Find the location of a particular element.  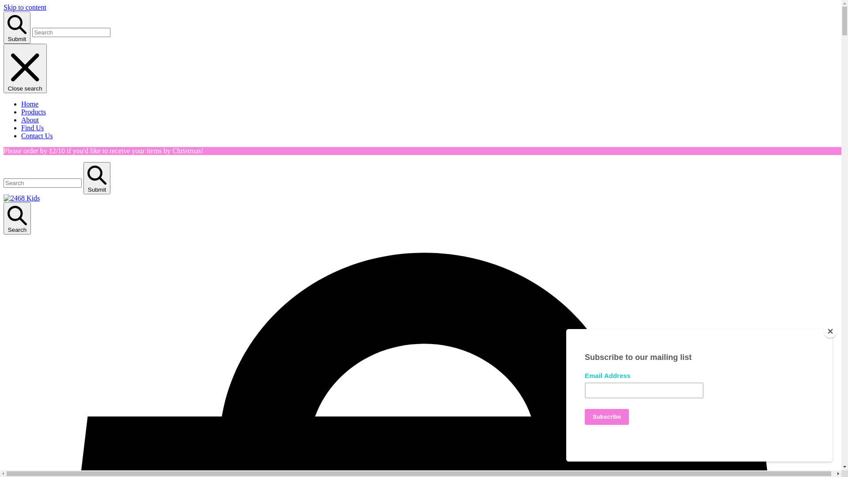

'Contact Us' is located at coordinates (36, 136).